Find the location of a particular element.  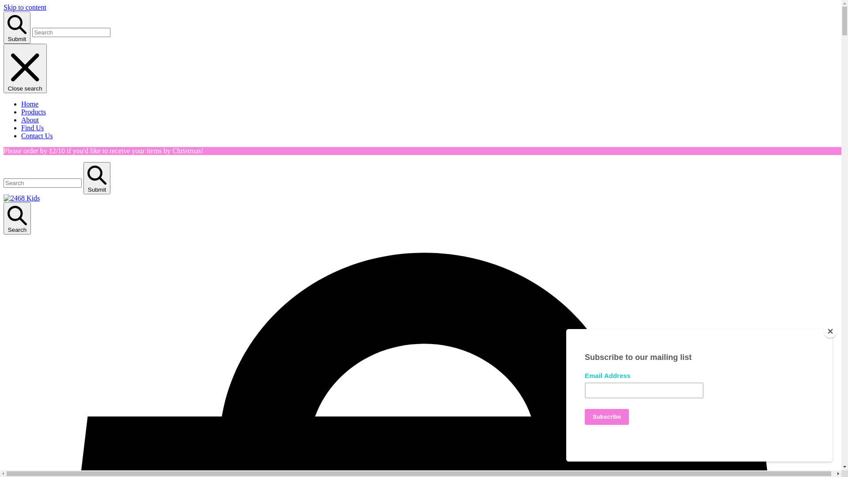

'Contact Us' is located at coordinates (36, 136).